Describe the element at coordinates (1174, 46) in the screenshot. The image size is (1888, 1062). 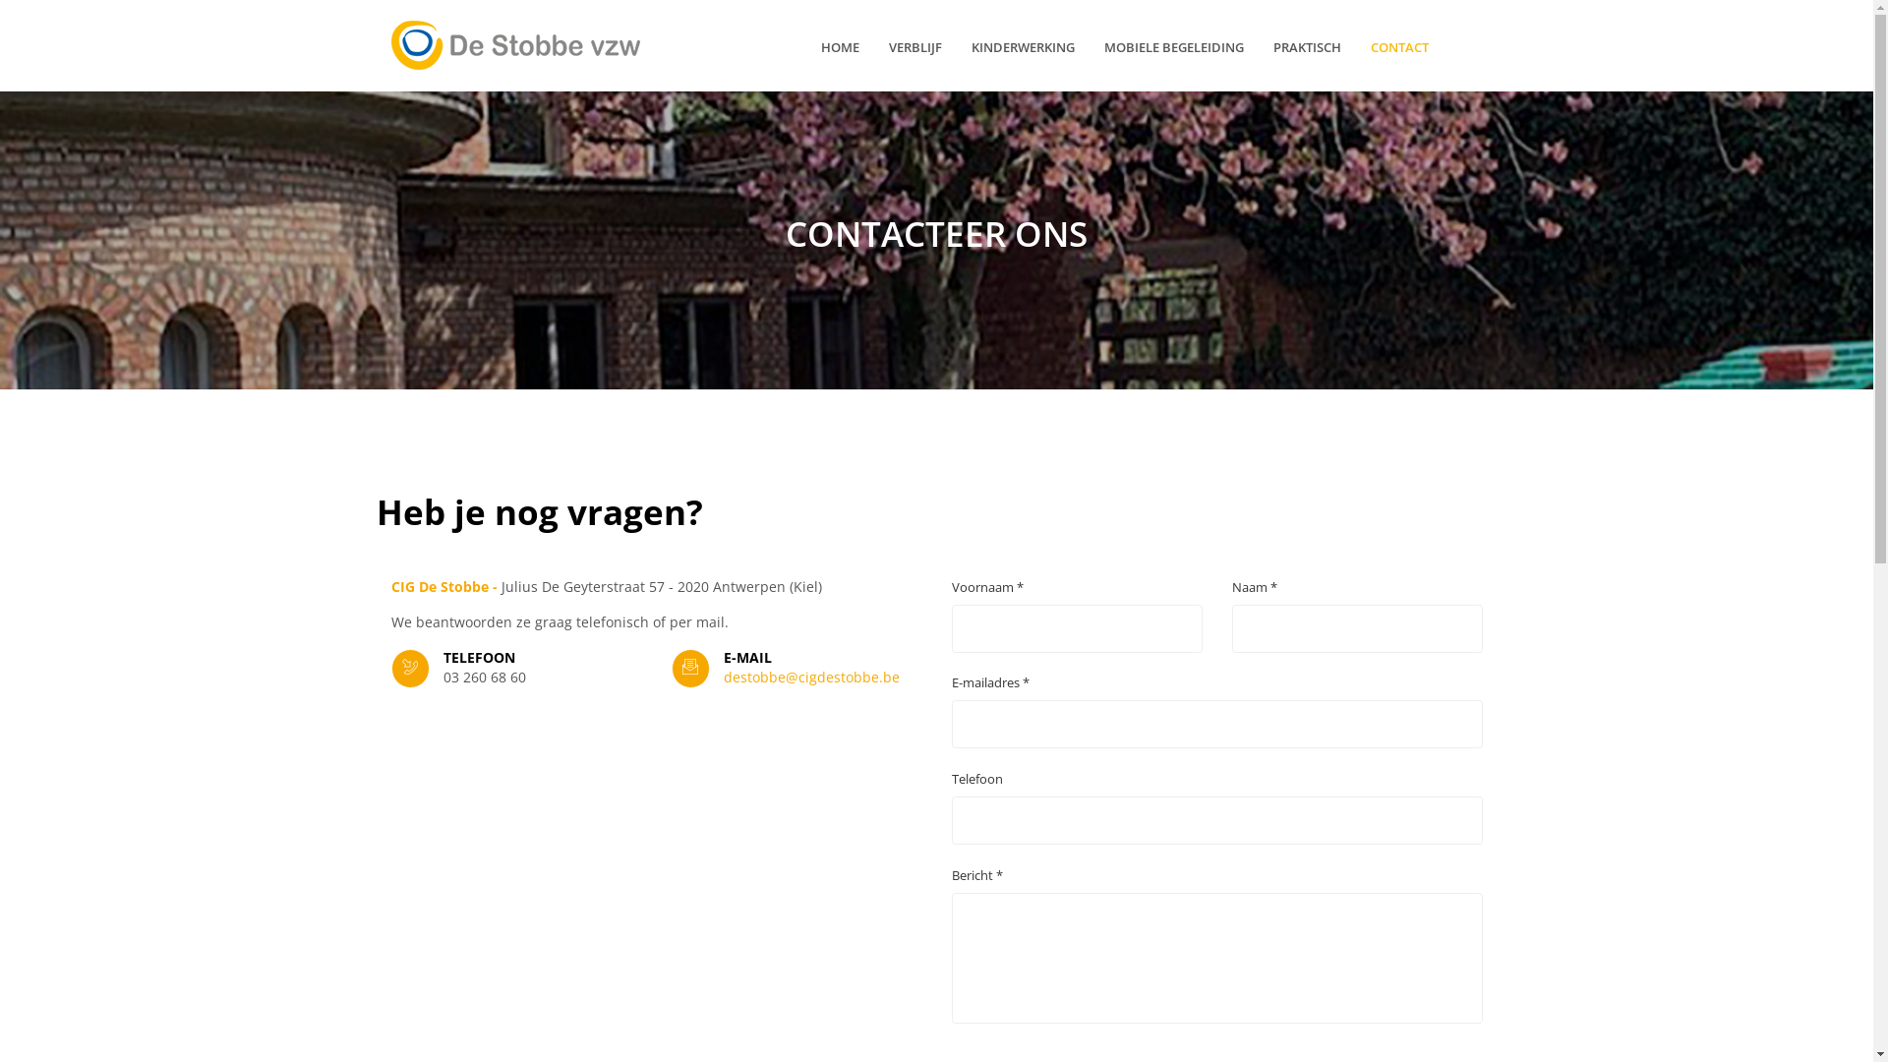
I see `'MOBIELE BEGELEIDING'` at that location.